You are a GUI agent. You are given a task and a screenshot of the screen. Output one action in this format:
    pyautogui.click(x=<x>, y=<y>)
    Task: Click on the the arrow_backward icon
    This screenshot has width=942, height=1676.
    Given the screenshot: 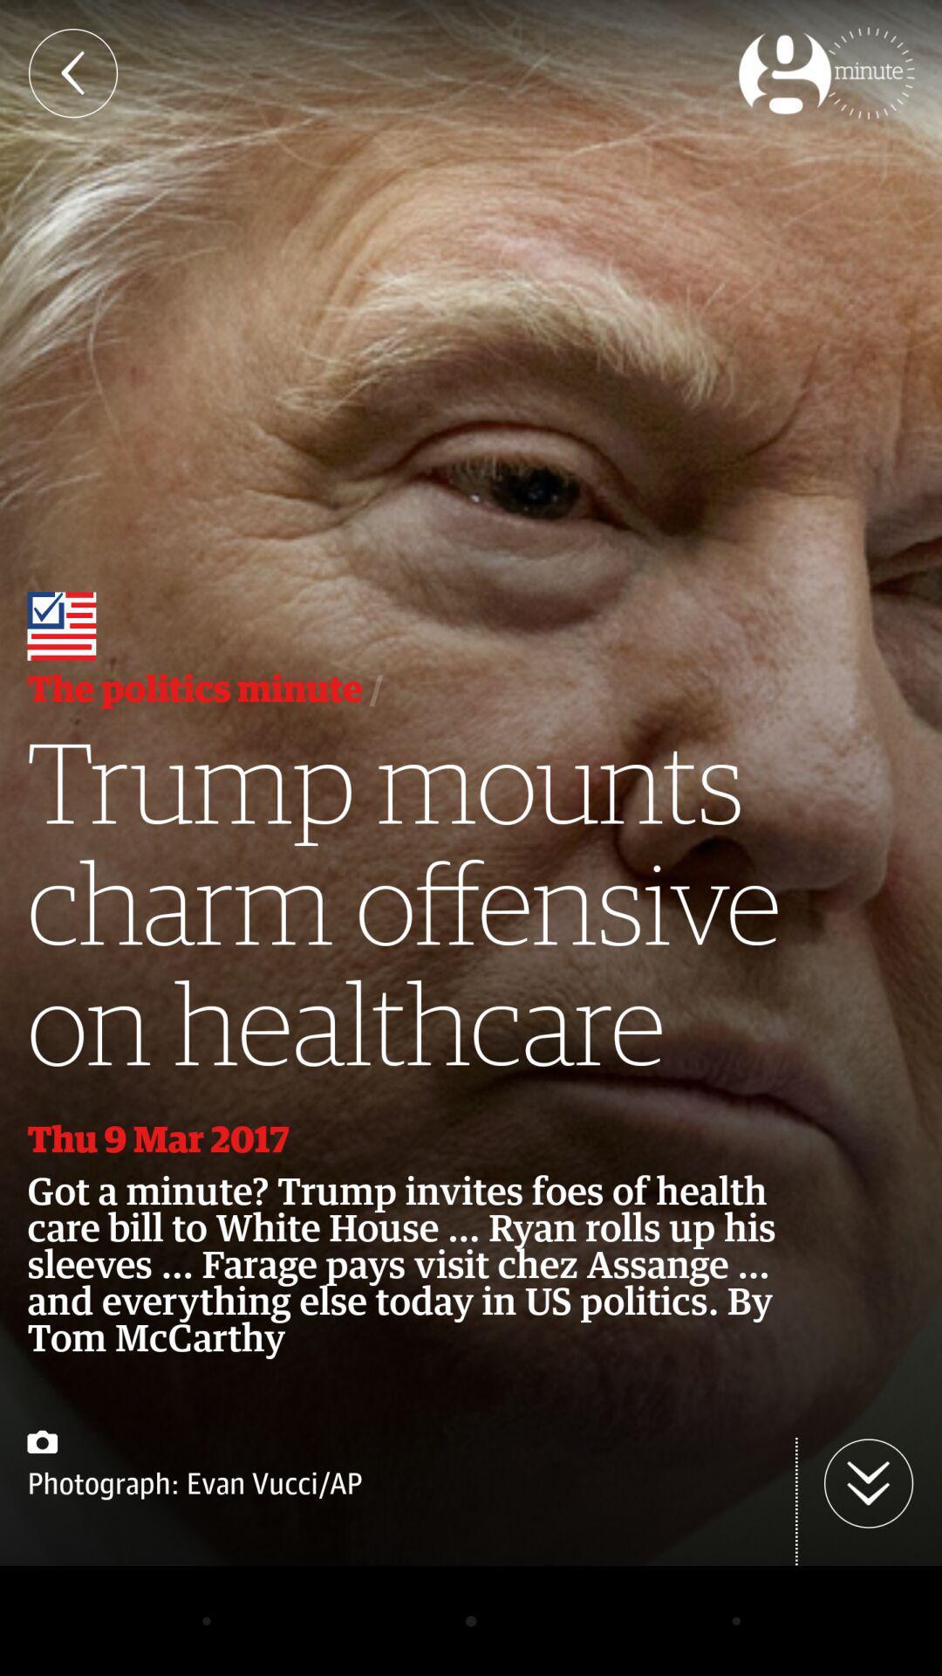 What is the action you would take?
    pyautogui.click(x=72, y=72)
    